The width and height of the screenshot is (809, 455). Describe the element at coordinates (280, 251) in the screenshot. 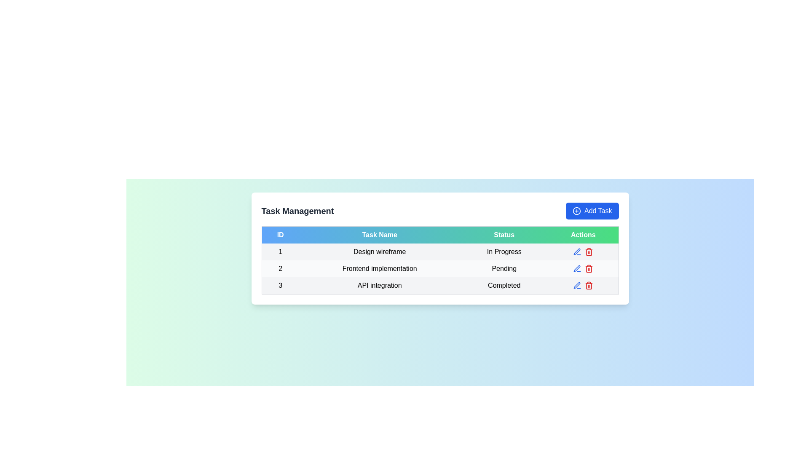

I see `the Static Text element that displays the unique identifier for the first task in the table, located in the 'ID' column at the top left corner of the table` at that location.